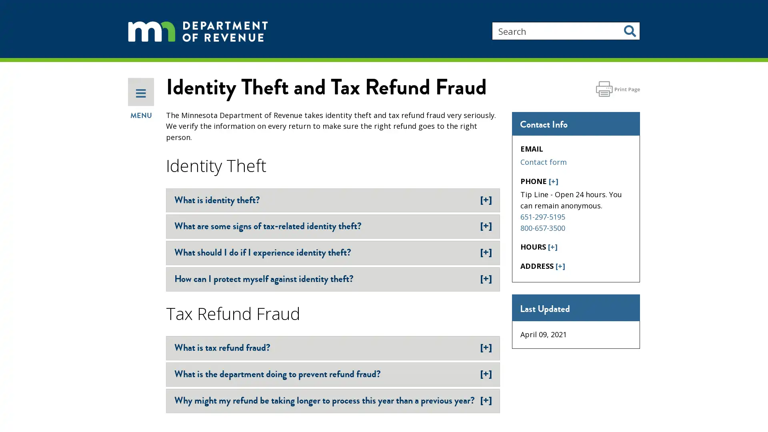  Describe the element at coordinates (630, 30) in the screenshot. I see `Search` at that location.